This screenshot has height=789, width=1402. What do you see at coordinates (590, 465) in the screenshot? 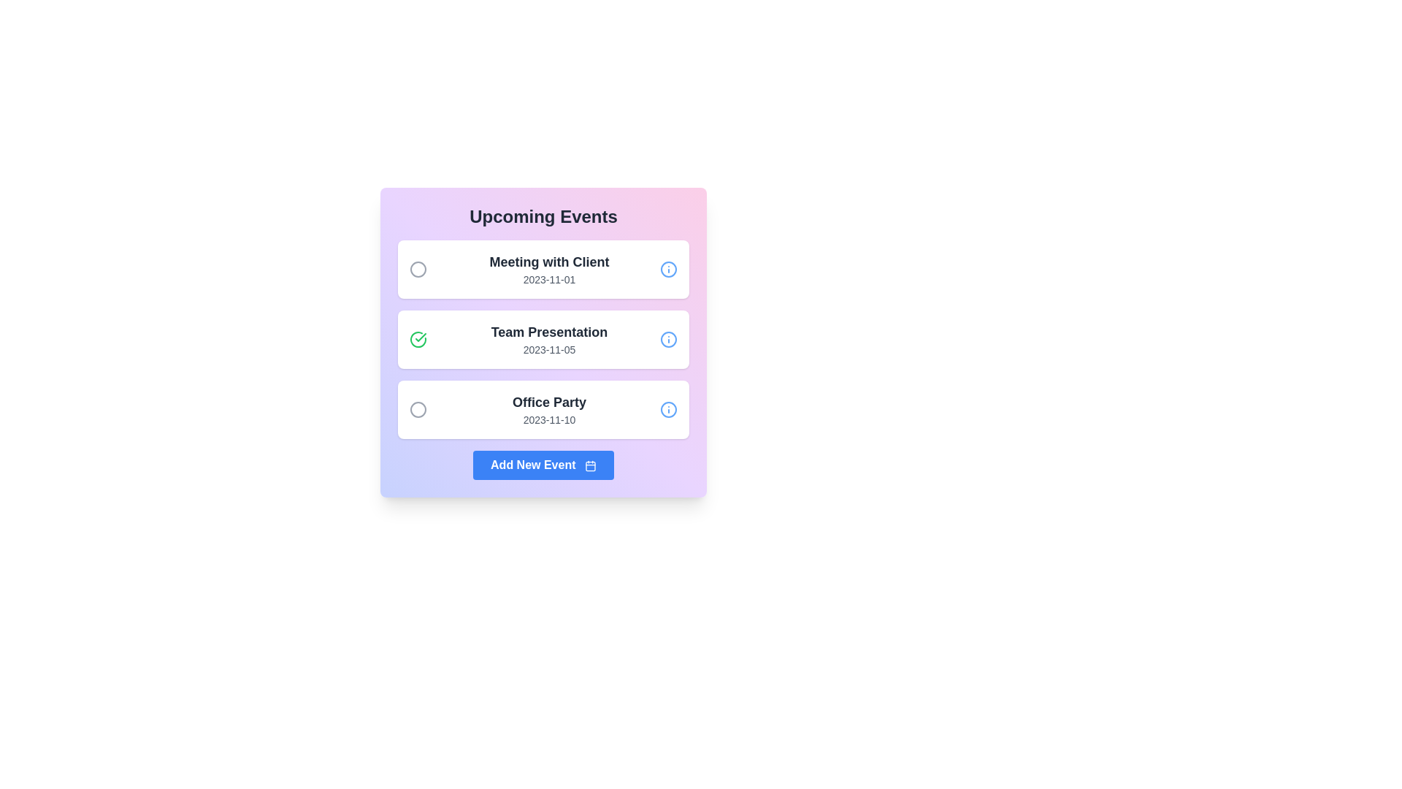
I see `the calendar icon located at the rightmost end of the 'Add New Event' button in the main event management section, which serves as a decorative symbol for adding a new event` at bounding box center [590, 465].